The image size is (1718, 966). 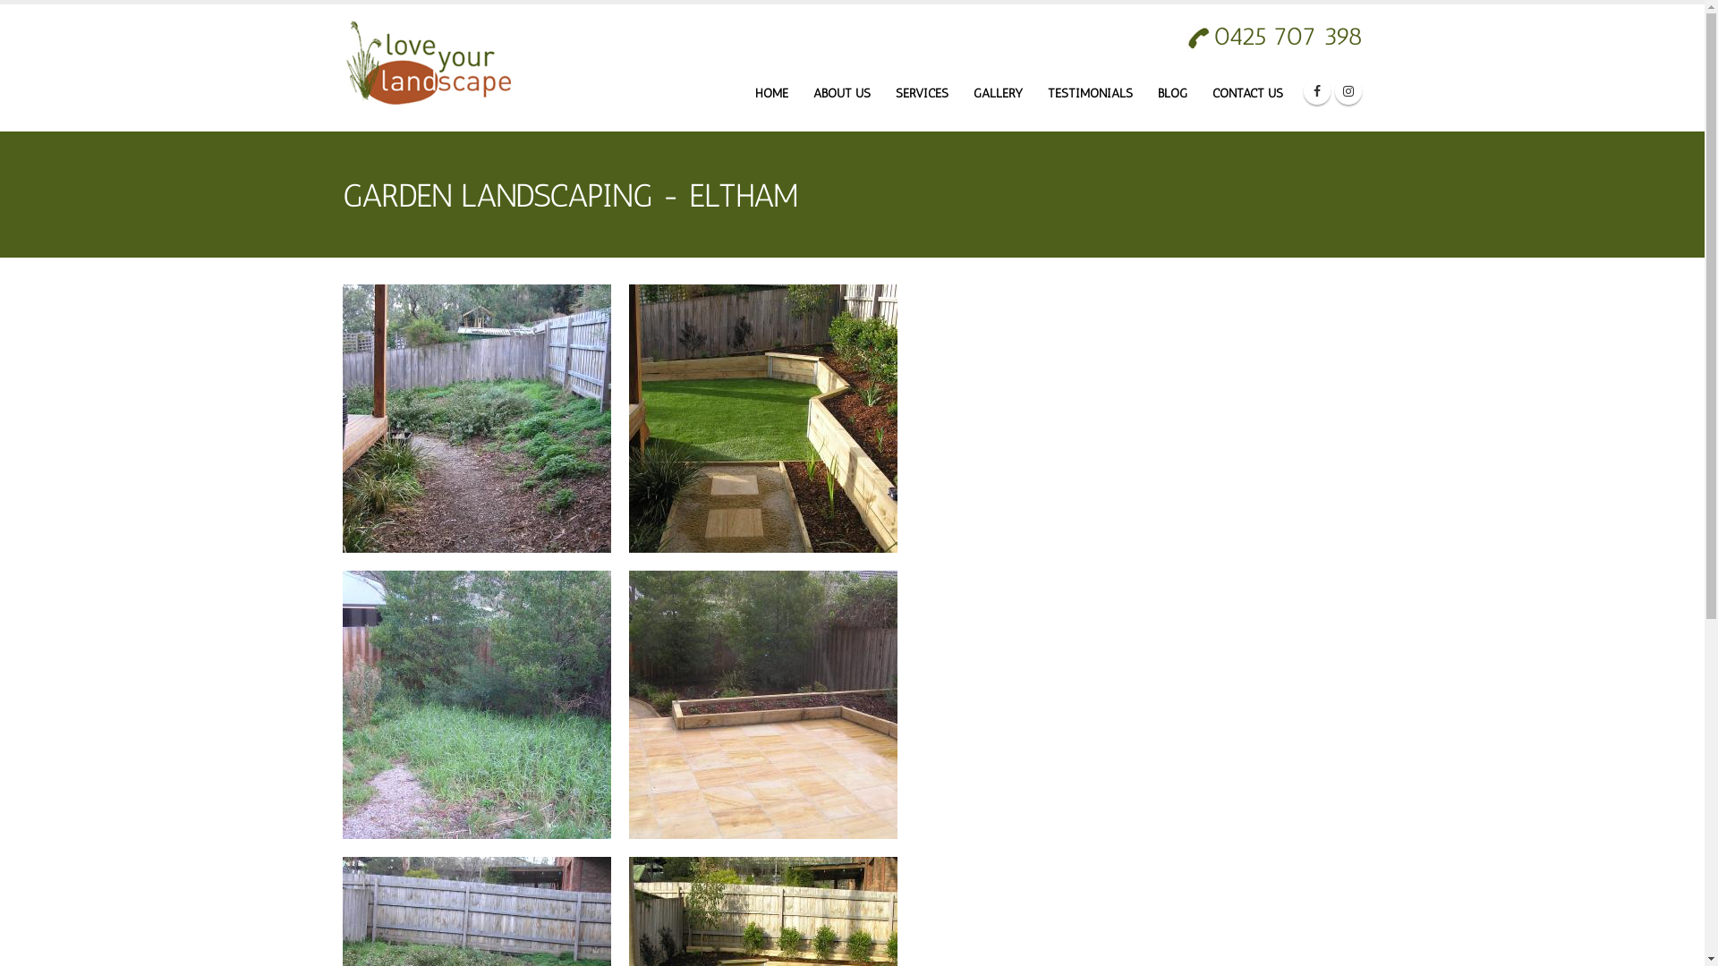 I want to click on 'Garden landscaping - Eltham', so click(x=761, y=702).